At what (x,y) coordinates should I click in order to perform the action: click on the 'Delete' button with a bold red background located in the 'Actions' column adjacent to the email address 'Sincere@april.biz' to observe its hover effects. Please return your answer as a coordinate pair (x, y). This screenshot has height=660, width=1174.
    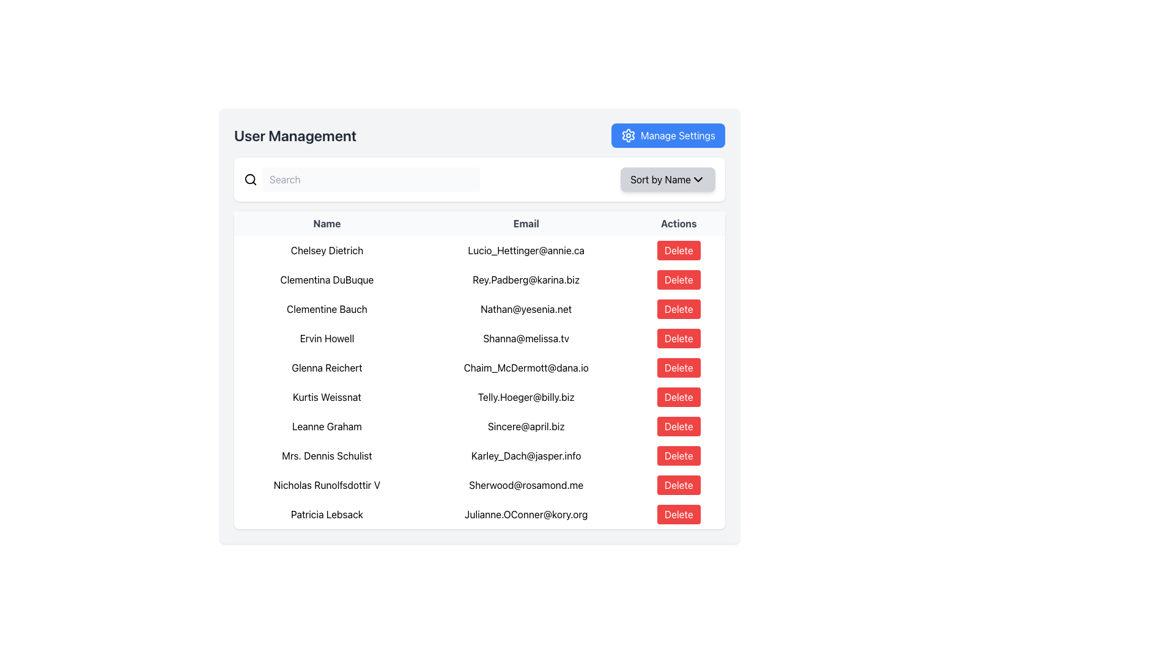
    Looking at the image, I should click on (678, 426).